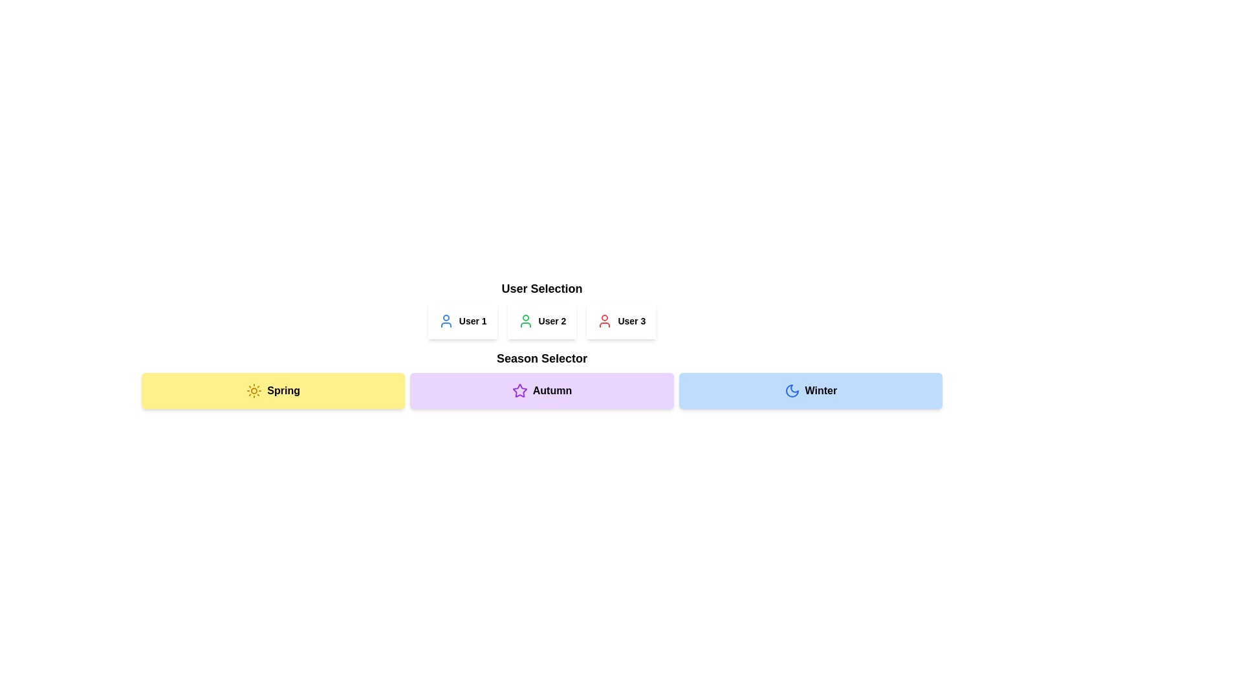 This screenshot has height=698, width=1242. I want to click on the 'Winter' text label, which is the third selectable option in the horizontal 'Season Selector' bar, so click(820, 390).